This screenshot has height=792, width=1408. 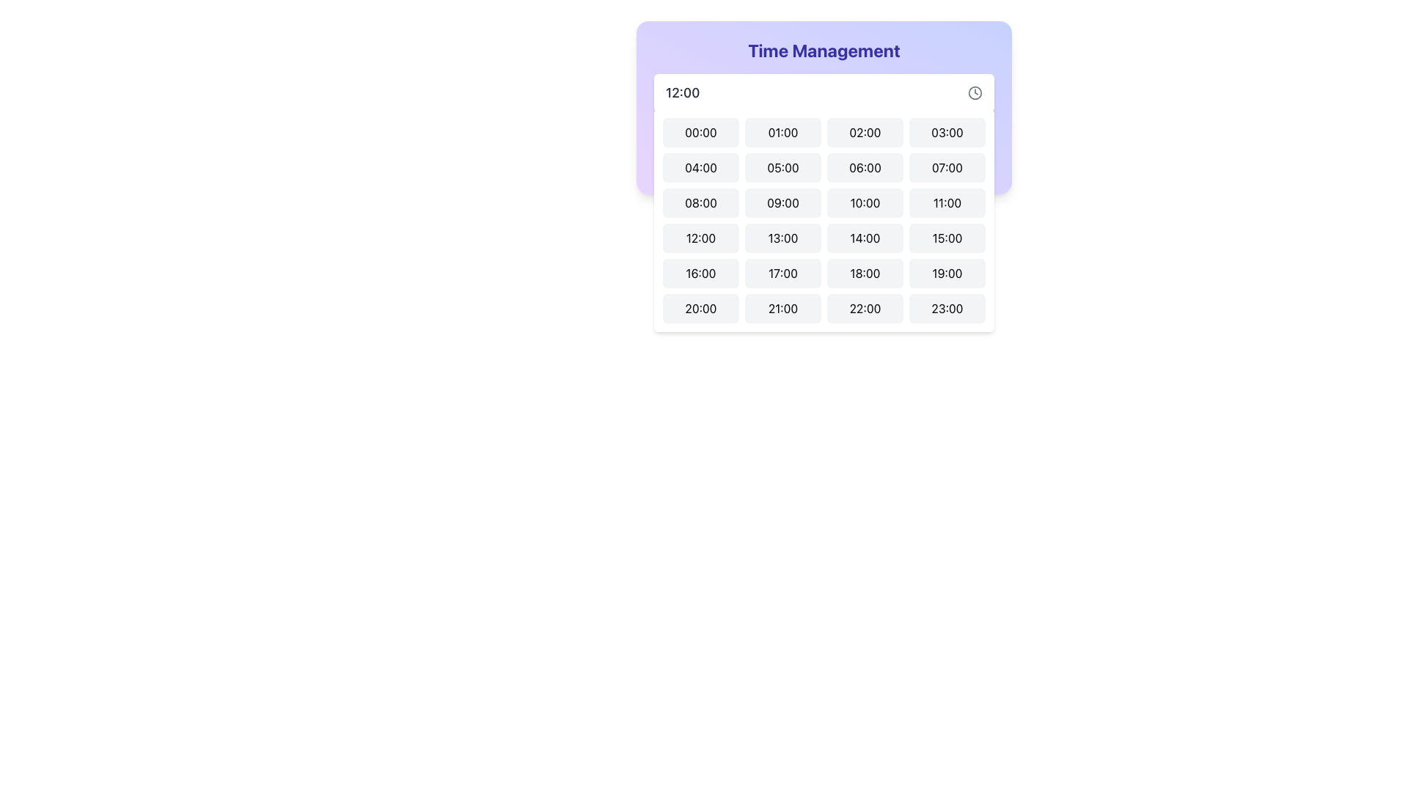 What do you see at coordinates (700, 307) in the screenshot?
I see `the time selection button displaying '20:00' in the first column of the sixth row within the time-picker dropdown interface` at bounding box center [700, 307].